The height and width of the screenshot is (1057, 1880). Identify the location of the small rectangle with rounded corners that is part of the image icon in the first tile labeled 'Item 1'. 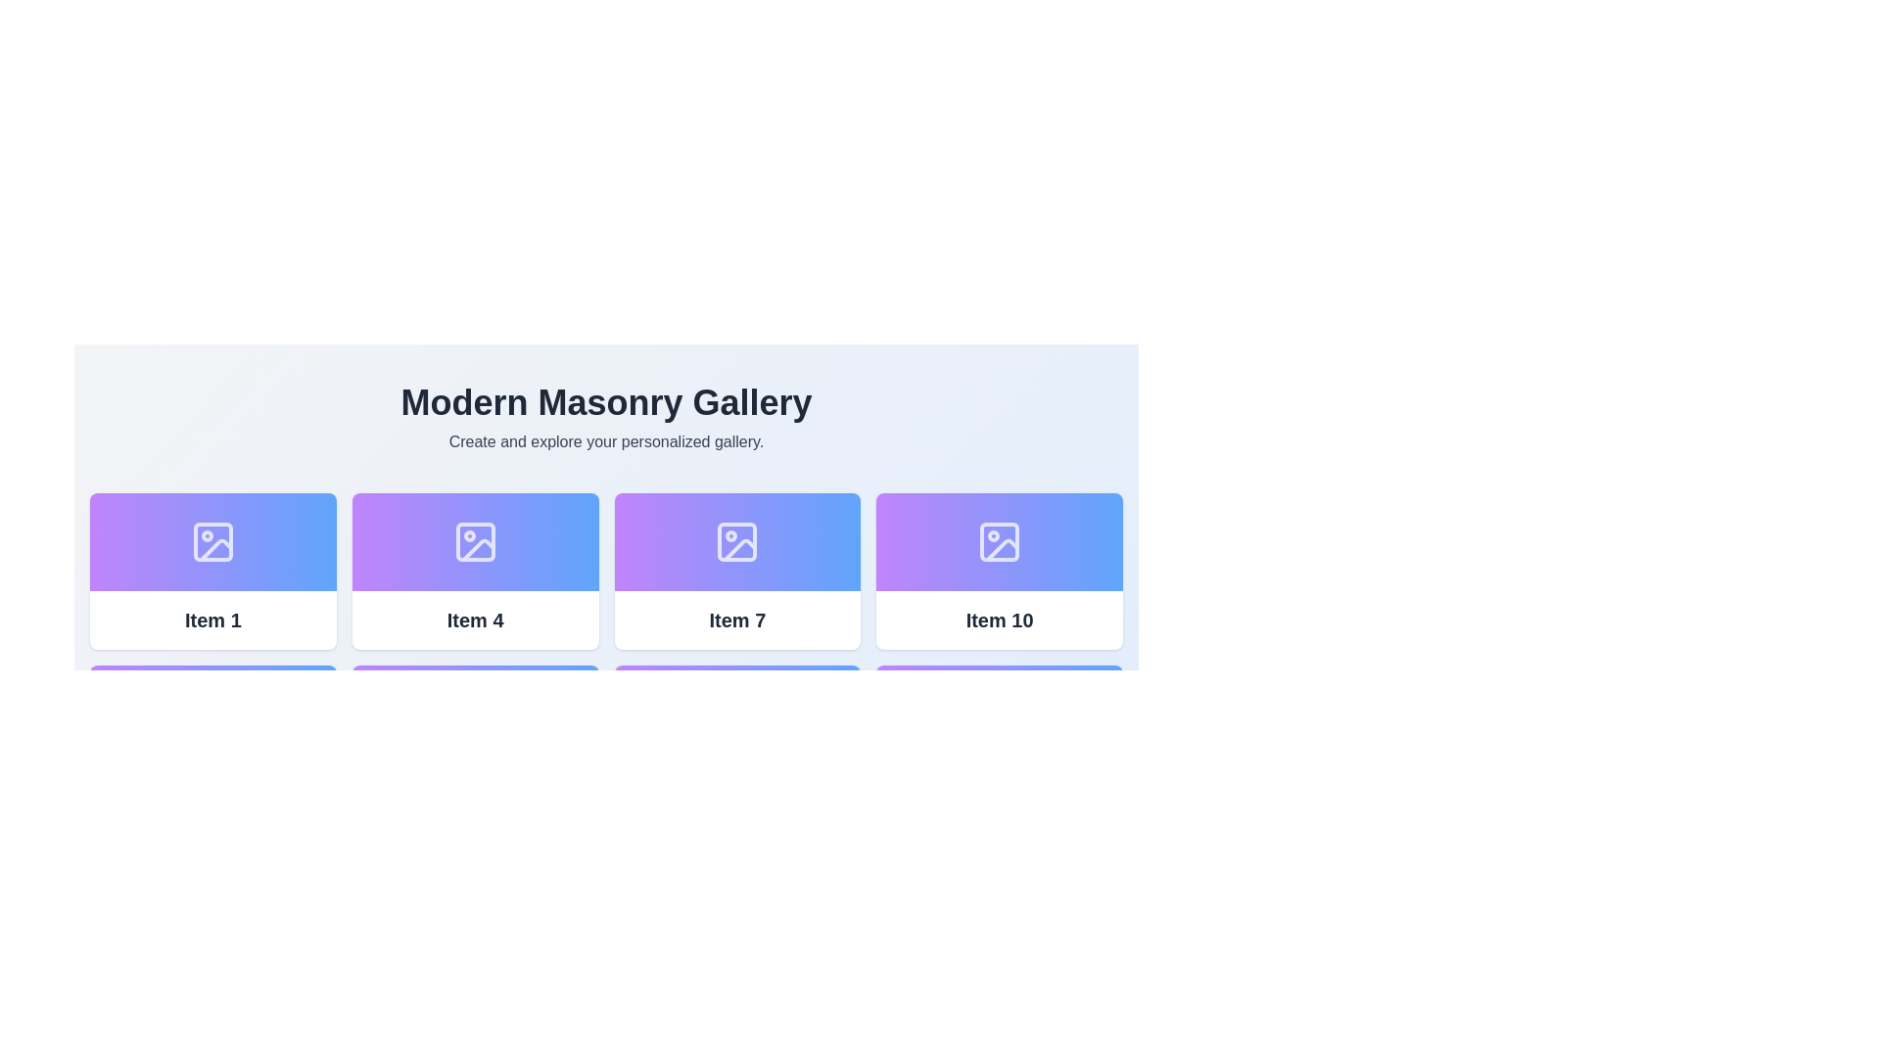
(212, 542).